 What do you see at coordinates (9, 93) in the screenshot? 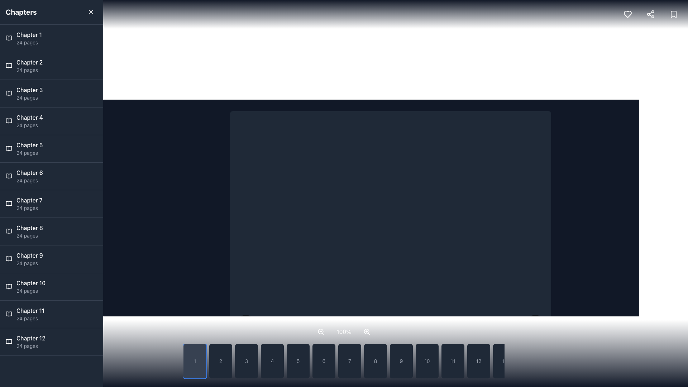
I see `the icon representing 'Chapter 3' located in the sidebar adjacent to the text label for the chapter` at bounding box center [9, 93].